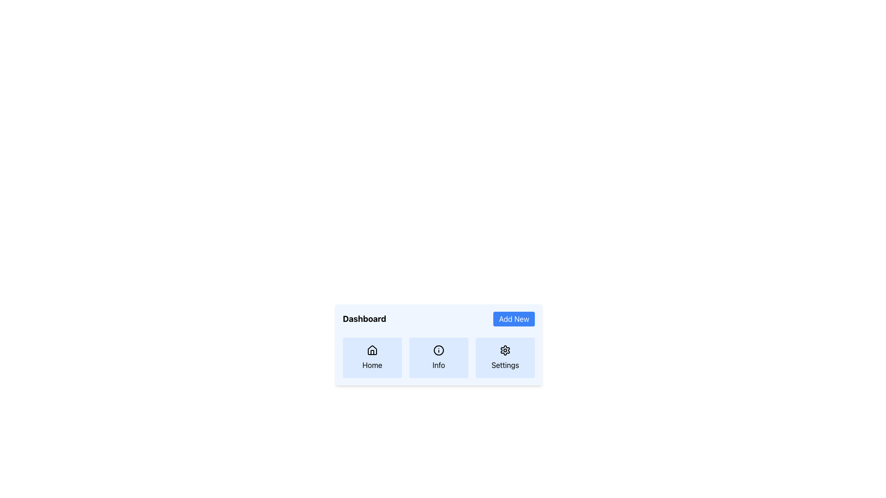  I want to click on the house icon within the 'Home' button to observe possible tooltips or visual effects, so click(372, 350).